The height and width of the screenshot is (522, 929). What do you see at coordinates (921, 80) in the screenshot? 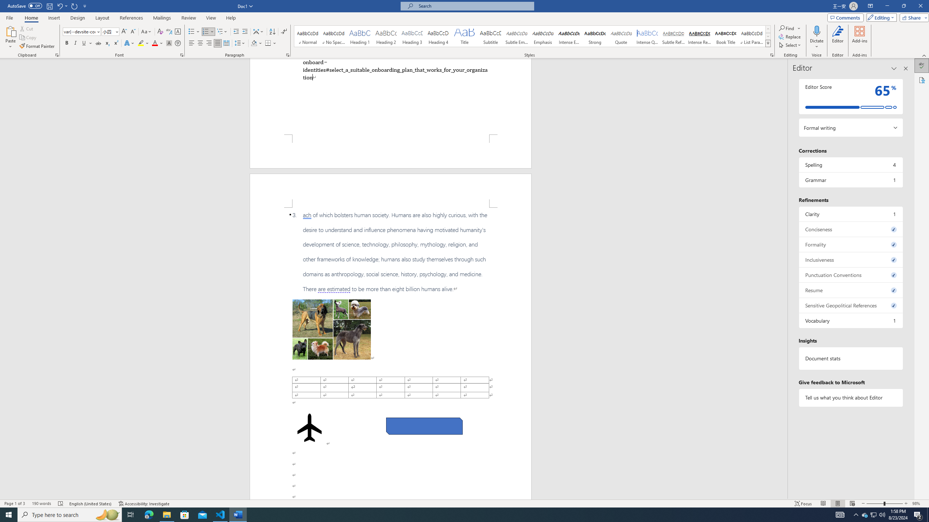
I see `'Accessibility'` at bounding box center [921, 80].